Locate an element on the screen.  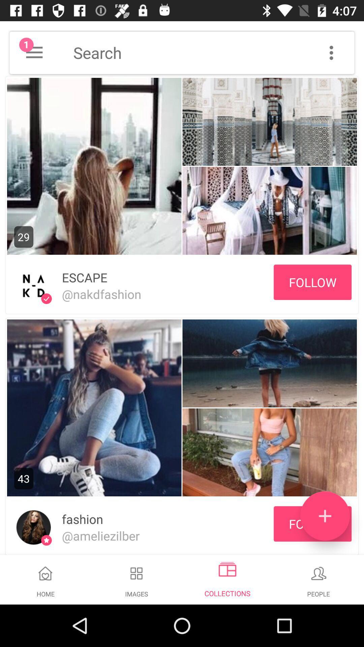
search is located at coordinates (214, 52).